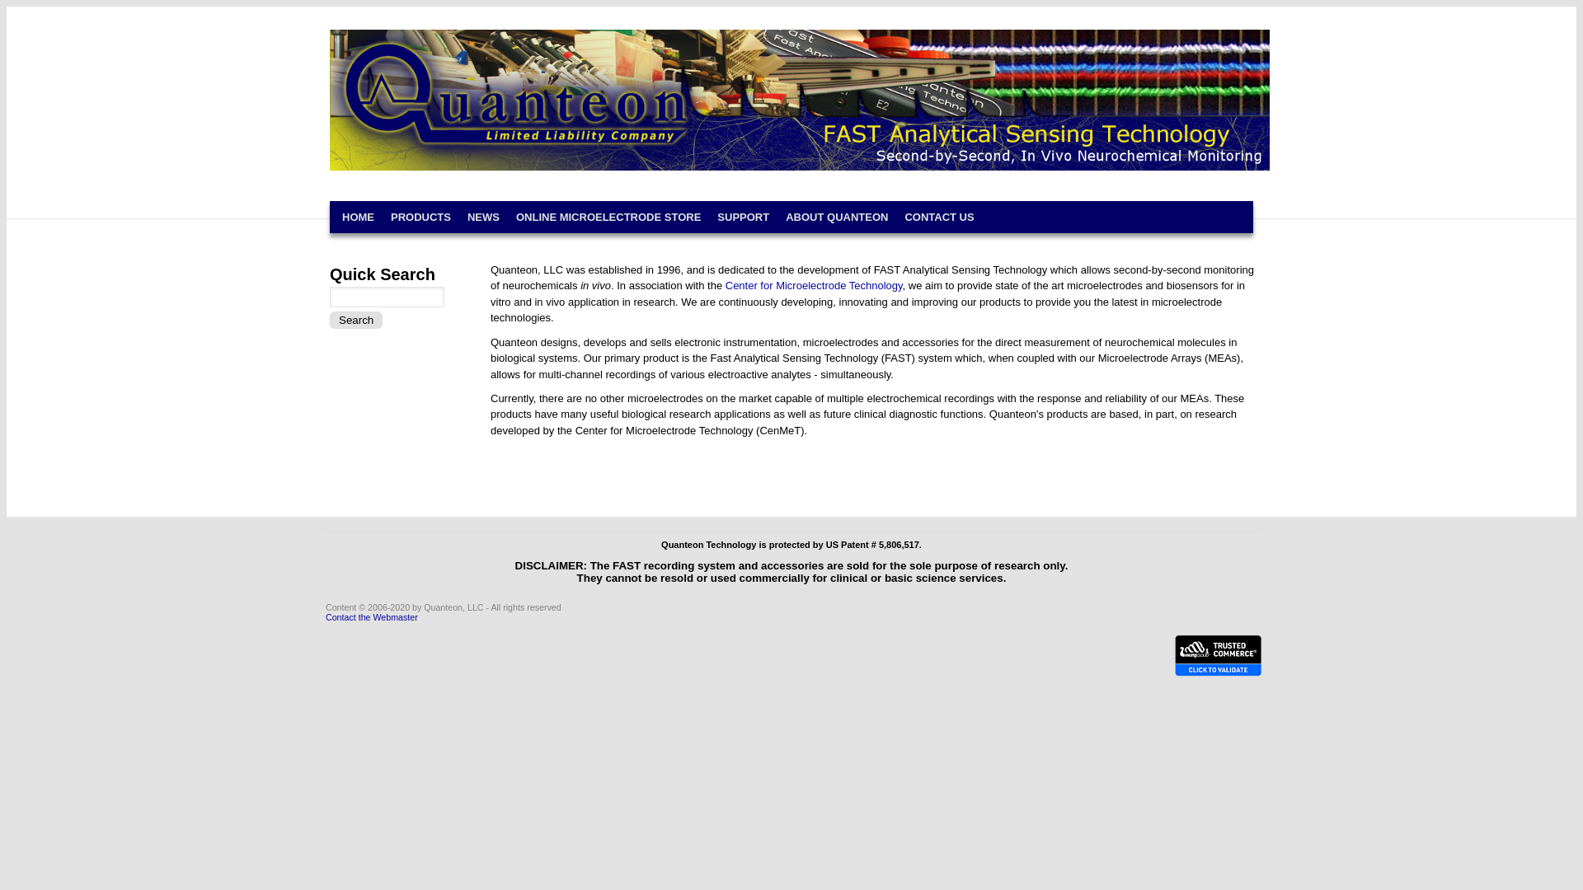  I want to click on 'PRODUCTS', so click(420, 216).